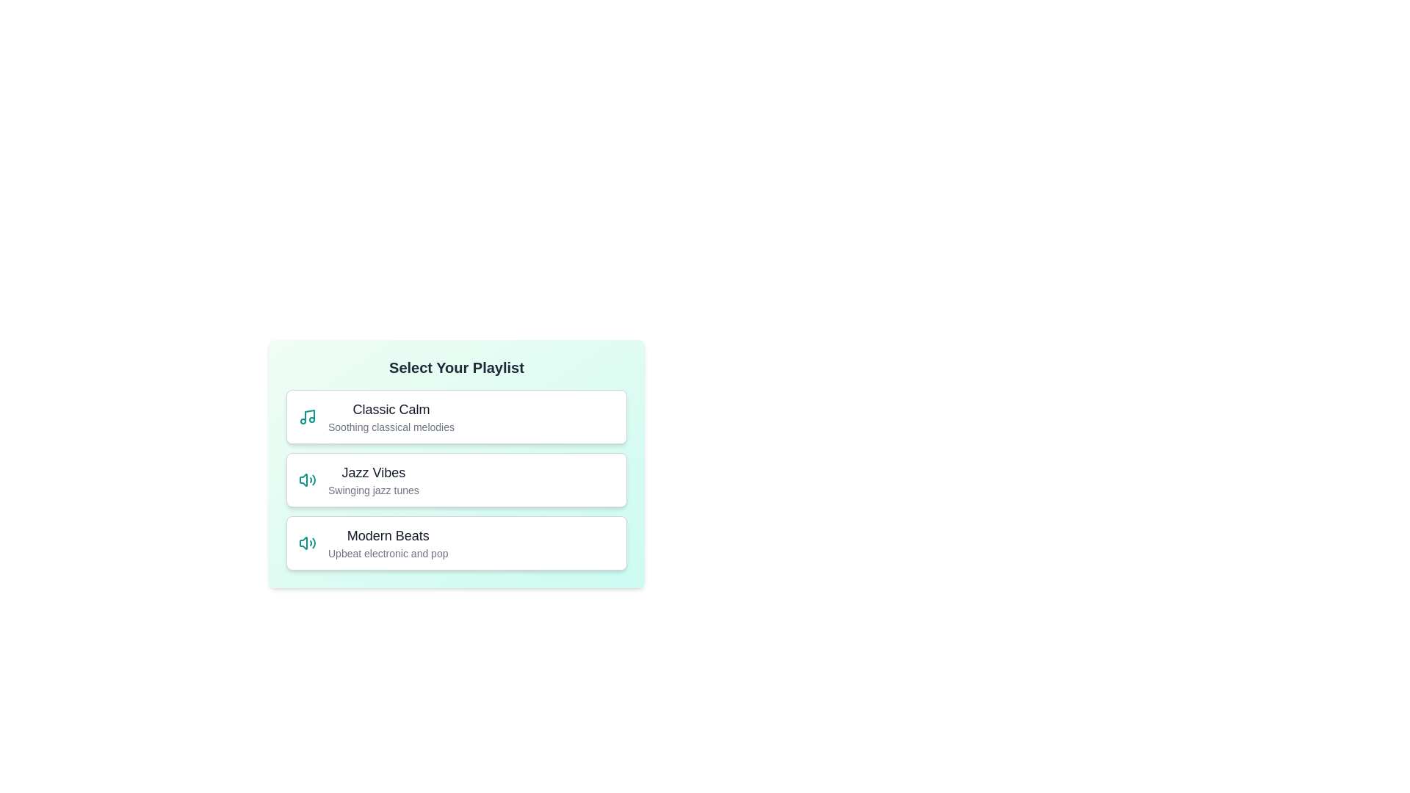 The image size is (1410, 793). Describe the element at coordinates (373, 490) in the screenshot. I see `the static text element that says 'Swinging jazz tunes', which is styled with a smaller gray font and located directly below the bold text 'Jazz Vibes'` at that location.